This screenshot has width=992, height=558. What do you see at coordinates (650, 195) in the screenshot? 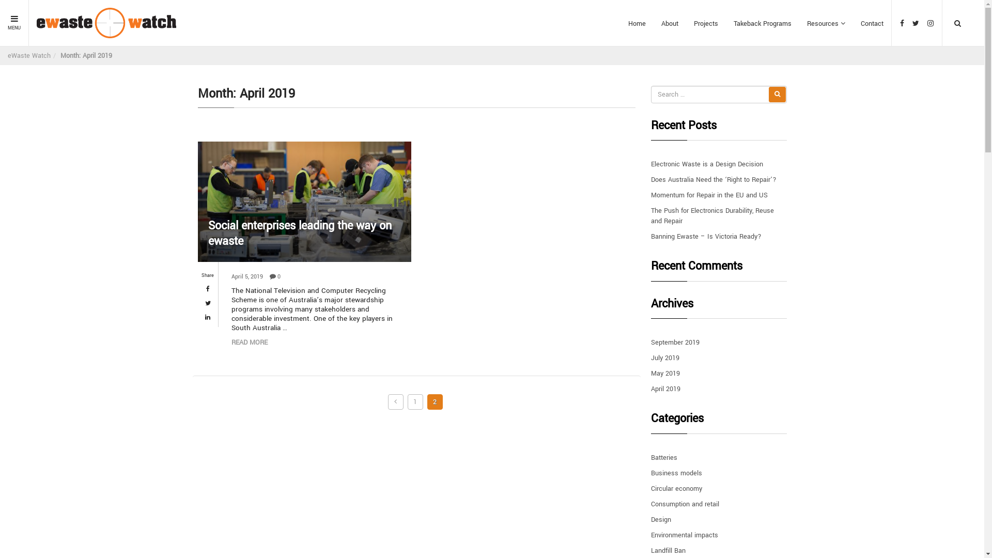
I see `'Momentum for Repair in the EU and US'` at bounding box center [650, 195].